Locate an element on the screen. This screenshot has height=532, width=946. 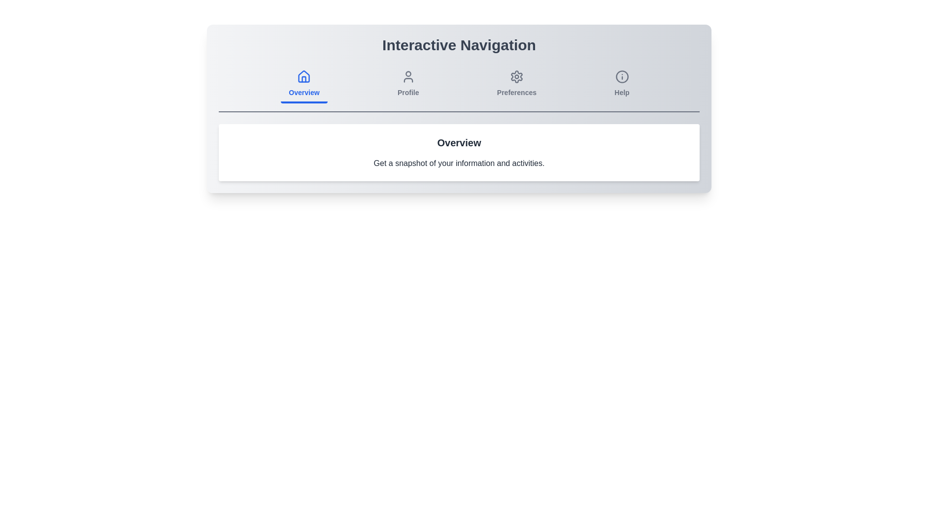
the Help tab icon to see the hover effect is located at coordinates (621, 84).